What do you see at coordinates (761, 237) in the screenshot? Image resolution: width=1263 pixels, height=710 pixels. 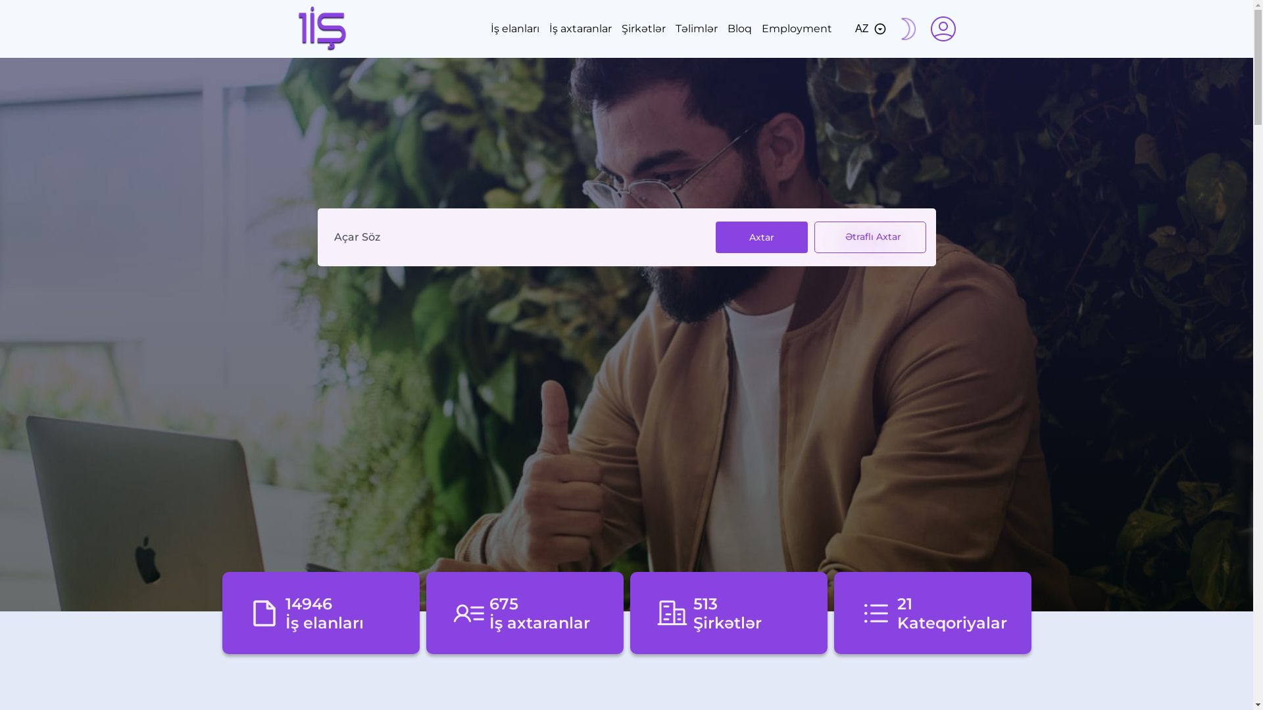 I see `'Axtar'` at bounding box center [761, 237].